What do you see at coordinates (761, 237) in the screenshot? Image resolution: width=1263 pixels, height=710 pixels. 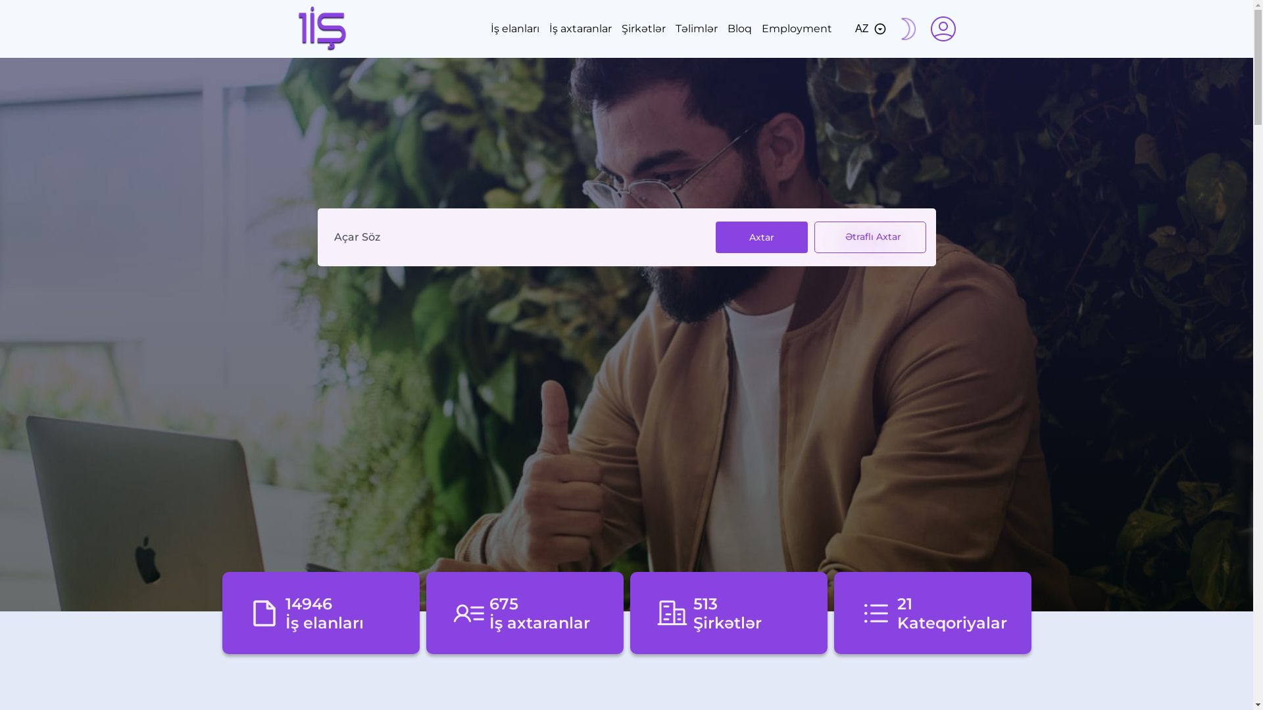 I see `'Axtar'` at bounding box center [761, 237].